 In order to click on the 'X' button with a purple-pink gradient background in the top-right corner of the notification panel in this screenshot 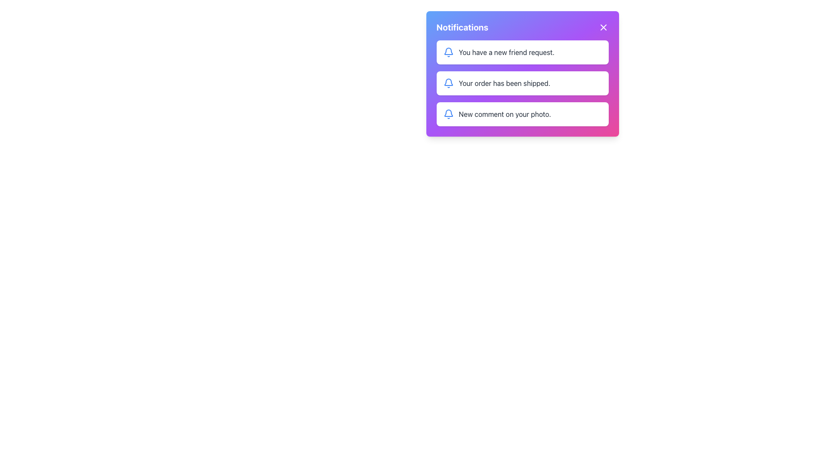, I will do `click(603, 27)`.